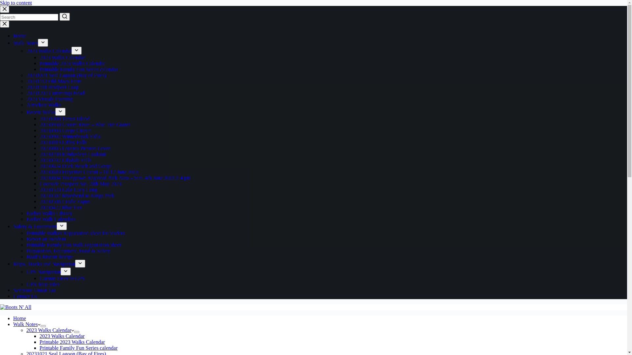  What do you see at coordinates (50, 219) in the screenshot?
I see `'Earlier Walk Calendars'` at bounding box center [50, 219].